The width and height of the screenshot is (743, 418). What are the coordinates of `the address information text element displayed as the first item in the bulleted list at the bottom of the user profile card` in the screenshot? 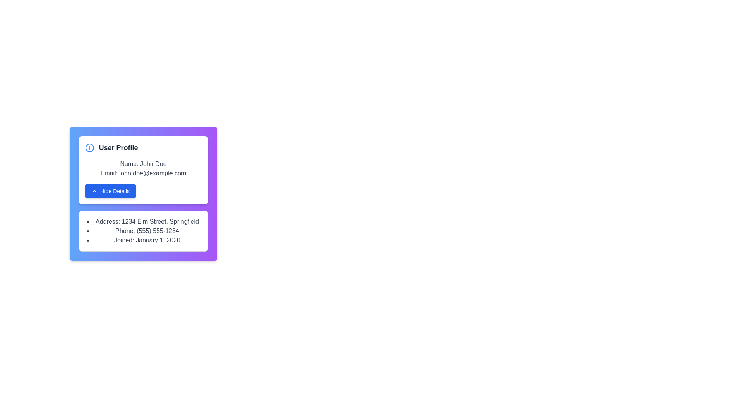 It's located at (147, 222).